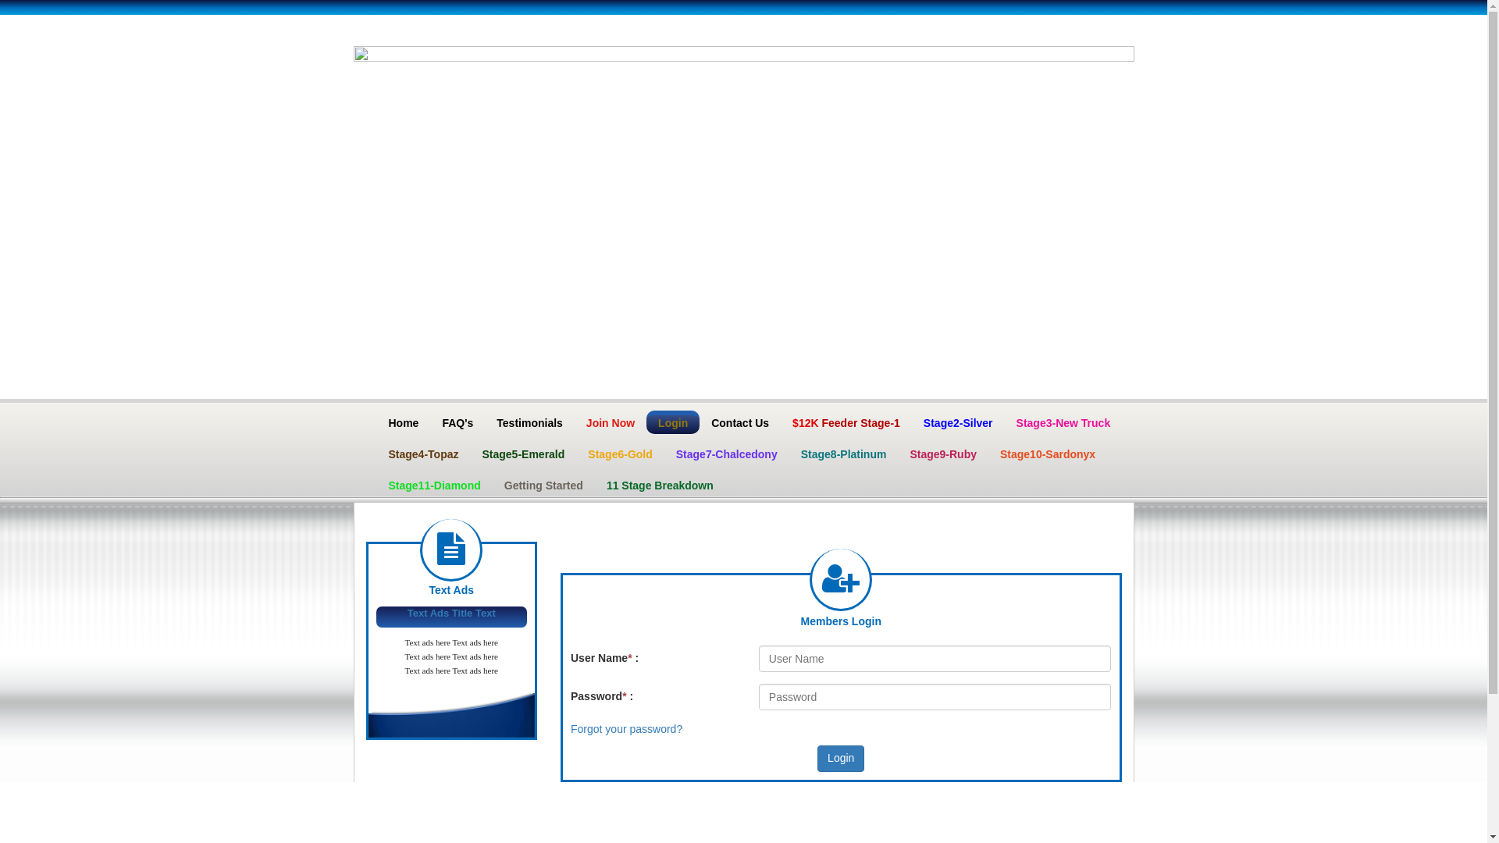 The image size is (1499, 843). Describe the element at coordinates (523, 454) in the screenshot. I see `'Stage5-Emerald'` at that location.